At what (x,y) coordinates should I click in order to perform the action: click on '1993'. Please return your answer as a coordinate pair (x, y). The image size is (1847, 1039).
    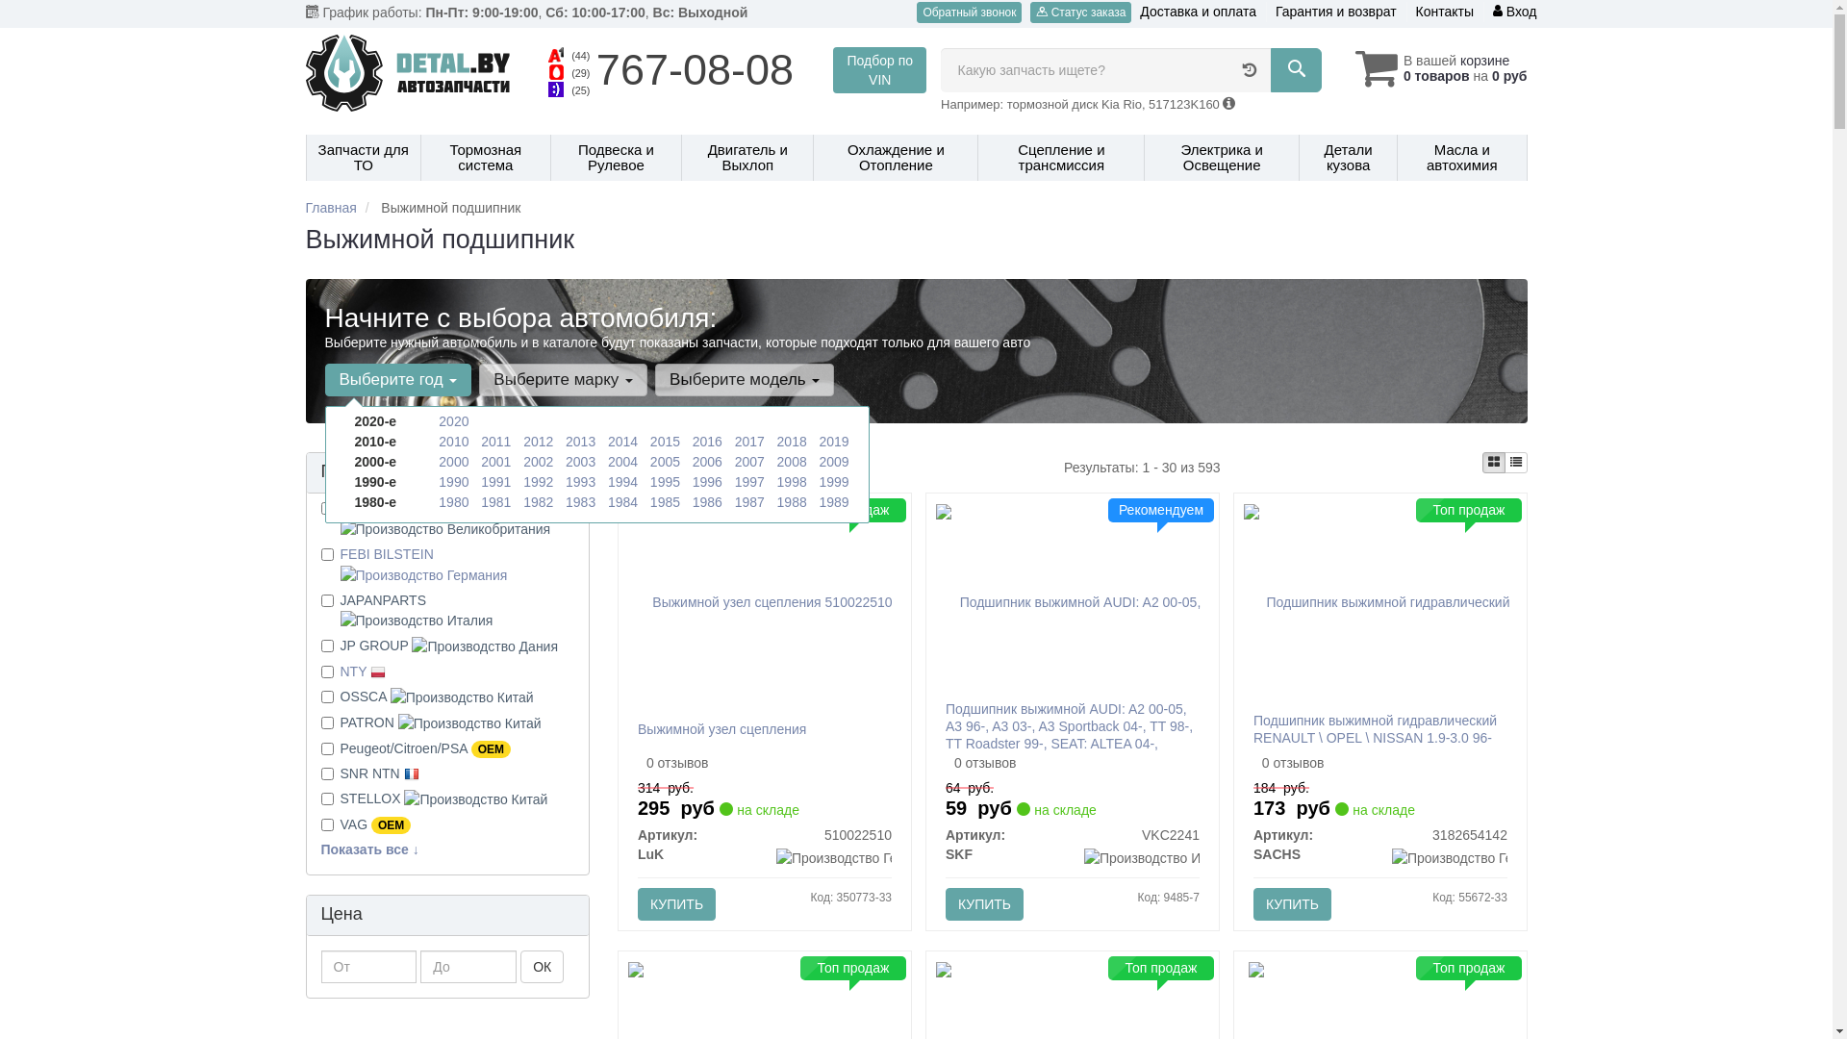
    Looking at the image, I should click on (565, 481).